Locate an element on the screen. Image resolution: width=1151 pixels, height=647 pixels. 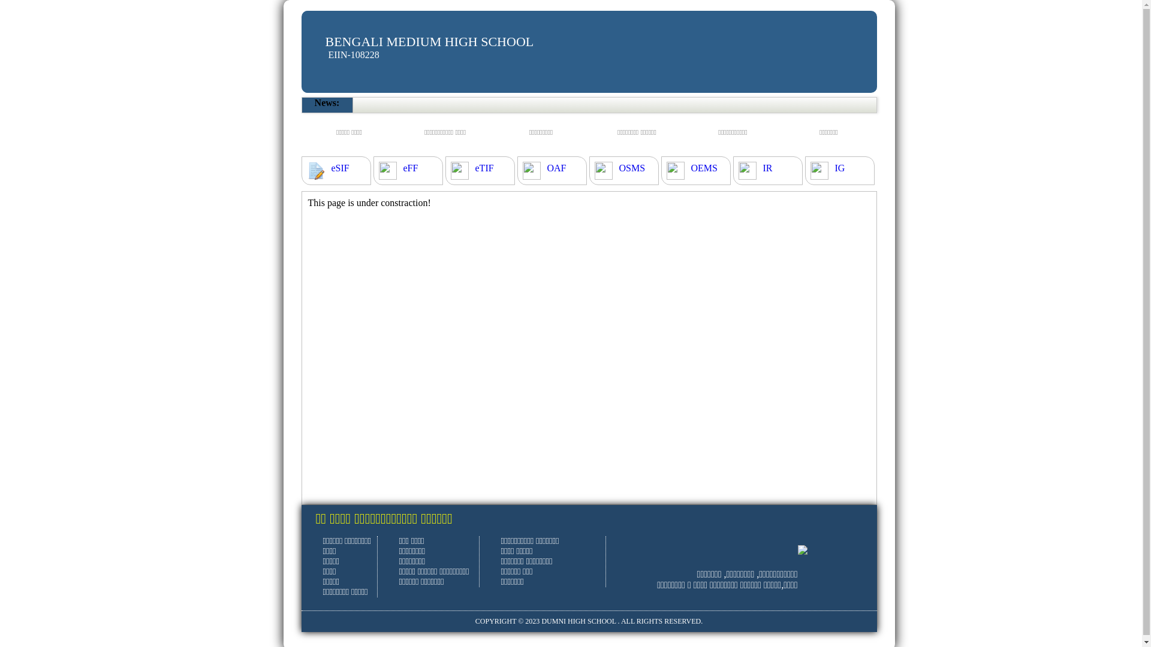
'DUMNI HIGH SCHOOL' is located at coordinates (578, 621).